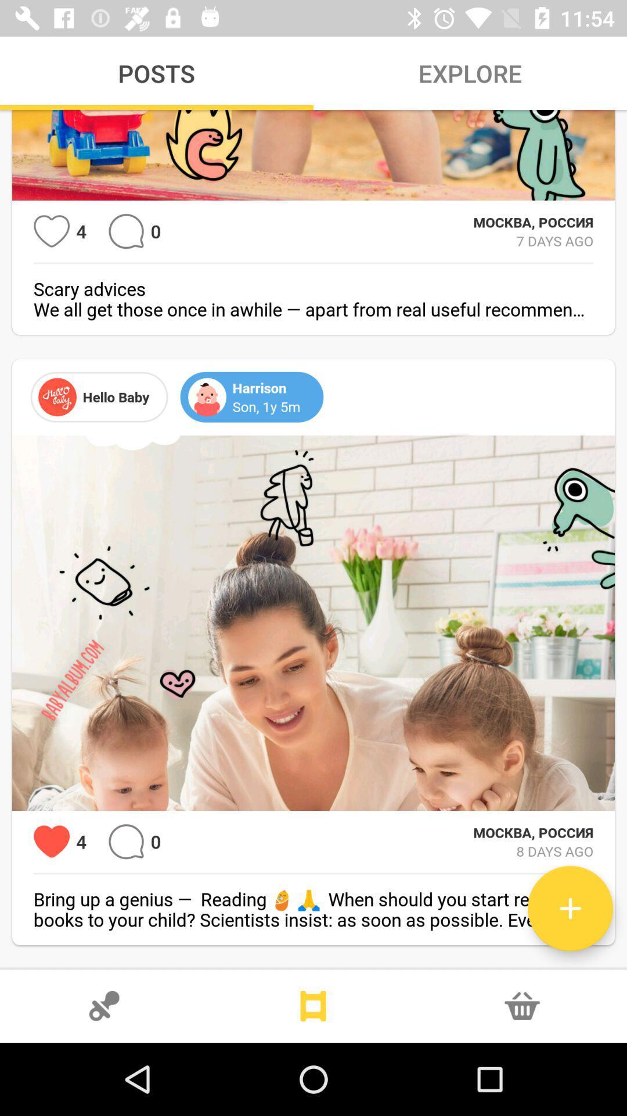 The height and width of the screenshot is (1116, 627). I want to click on to cart, so click(521, 1006).